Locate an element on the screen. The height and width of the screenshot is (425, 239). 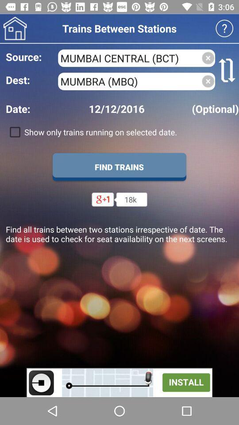
previous is located at coordinates (15, 28).